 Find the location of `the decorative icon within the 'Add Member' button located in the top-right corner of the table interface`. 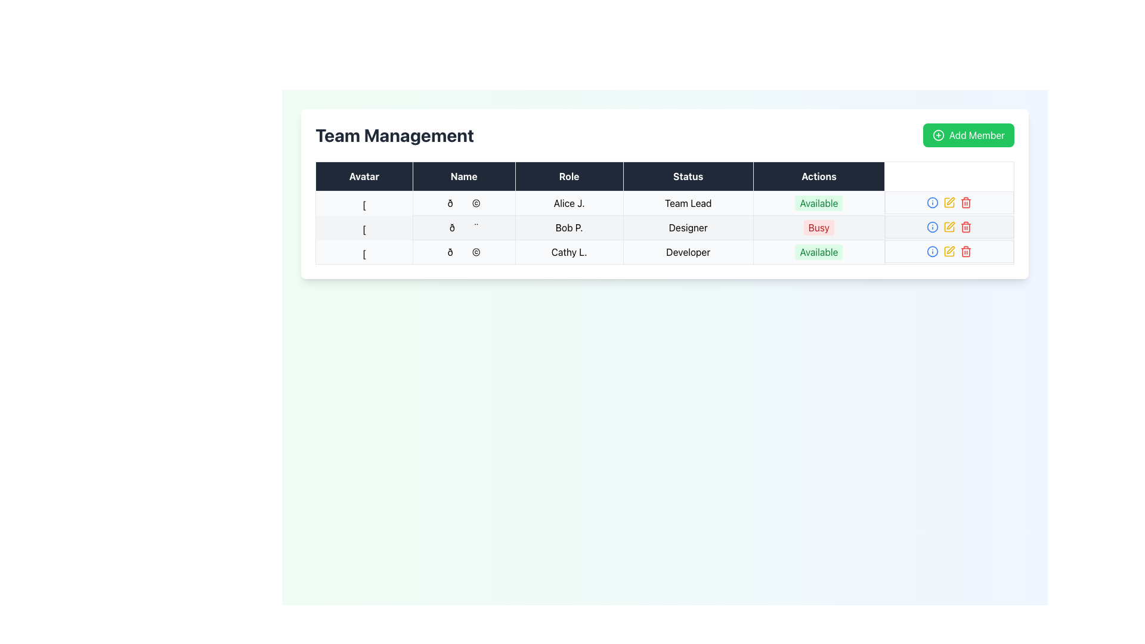

the decorative icon within the 'Add Member' button located in the top-right corner of the table interface is located at coordinates (937, 135).